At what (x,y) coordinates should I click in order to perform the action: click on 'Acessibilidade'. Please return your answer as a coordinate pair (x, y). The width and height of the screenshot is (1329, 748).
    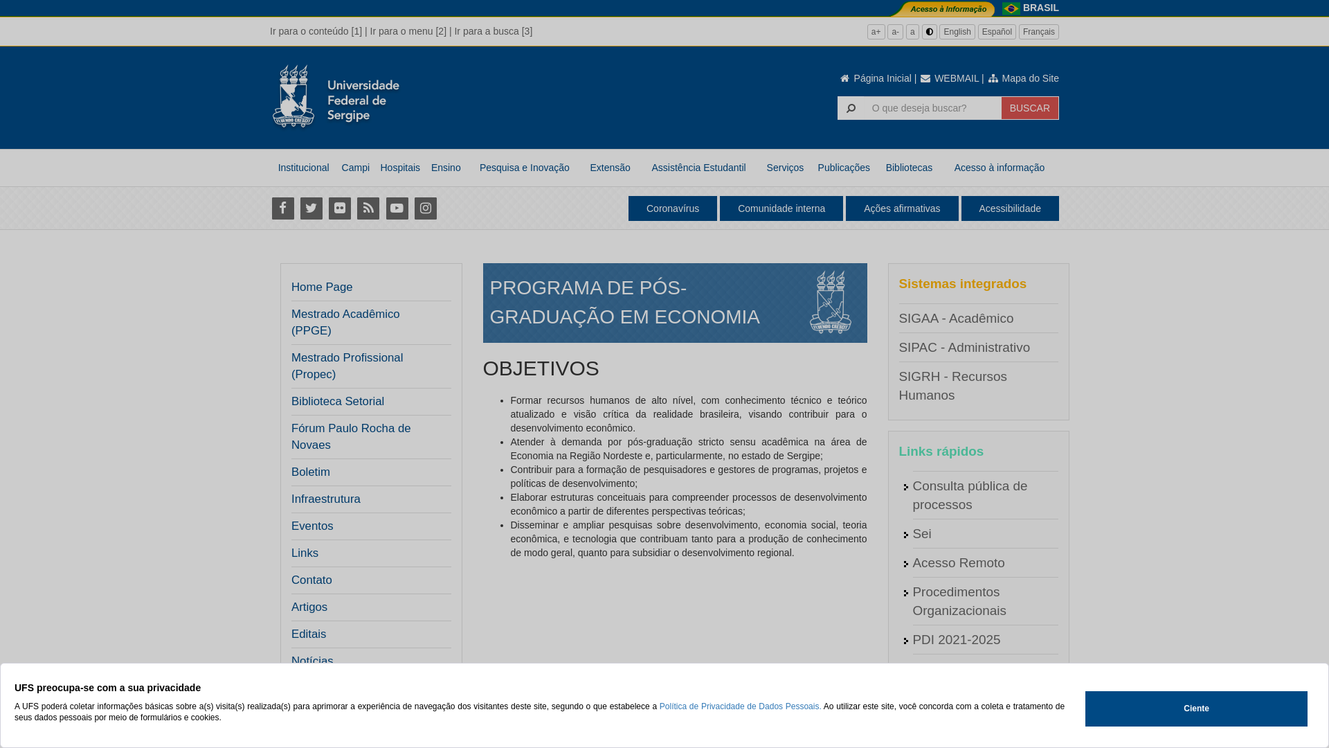
    Looking at the image, I should click on (1010, 208).